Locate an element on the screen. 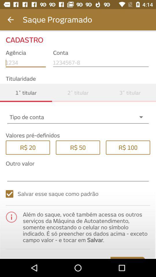 The width and height of the screenshot is (156, 277). the button above the text valores predefinidos is located at coordinates (78, 117).